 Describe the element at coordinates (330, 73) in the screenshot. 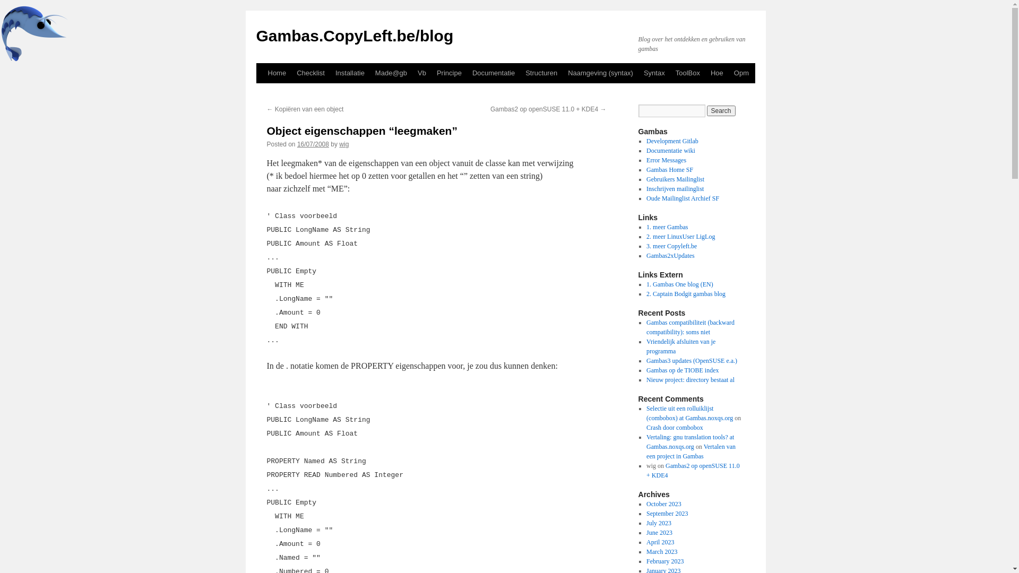

I see `'Installatie'` at that location.